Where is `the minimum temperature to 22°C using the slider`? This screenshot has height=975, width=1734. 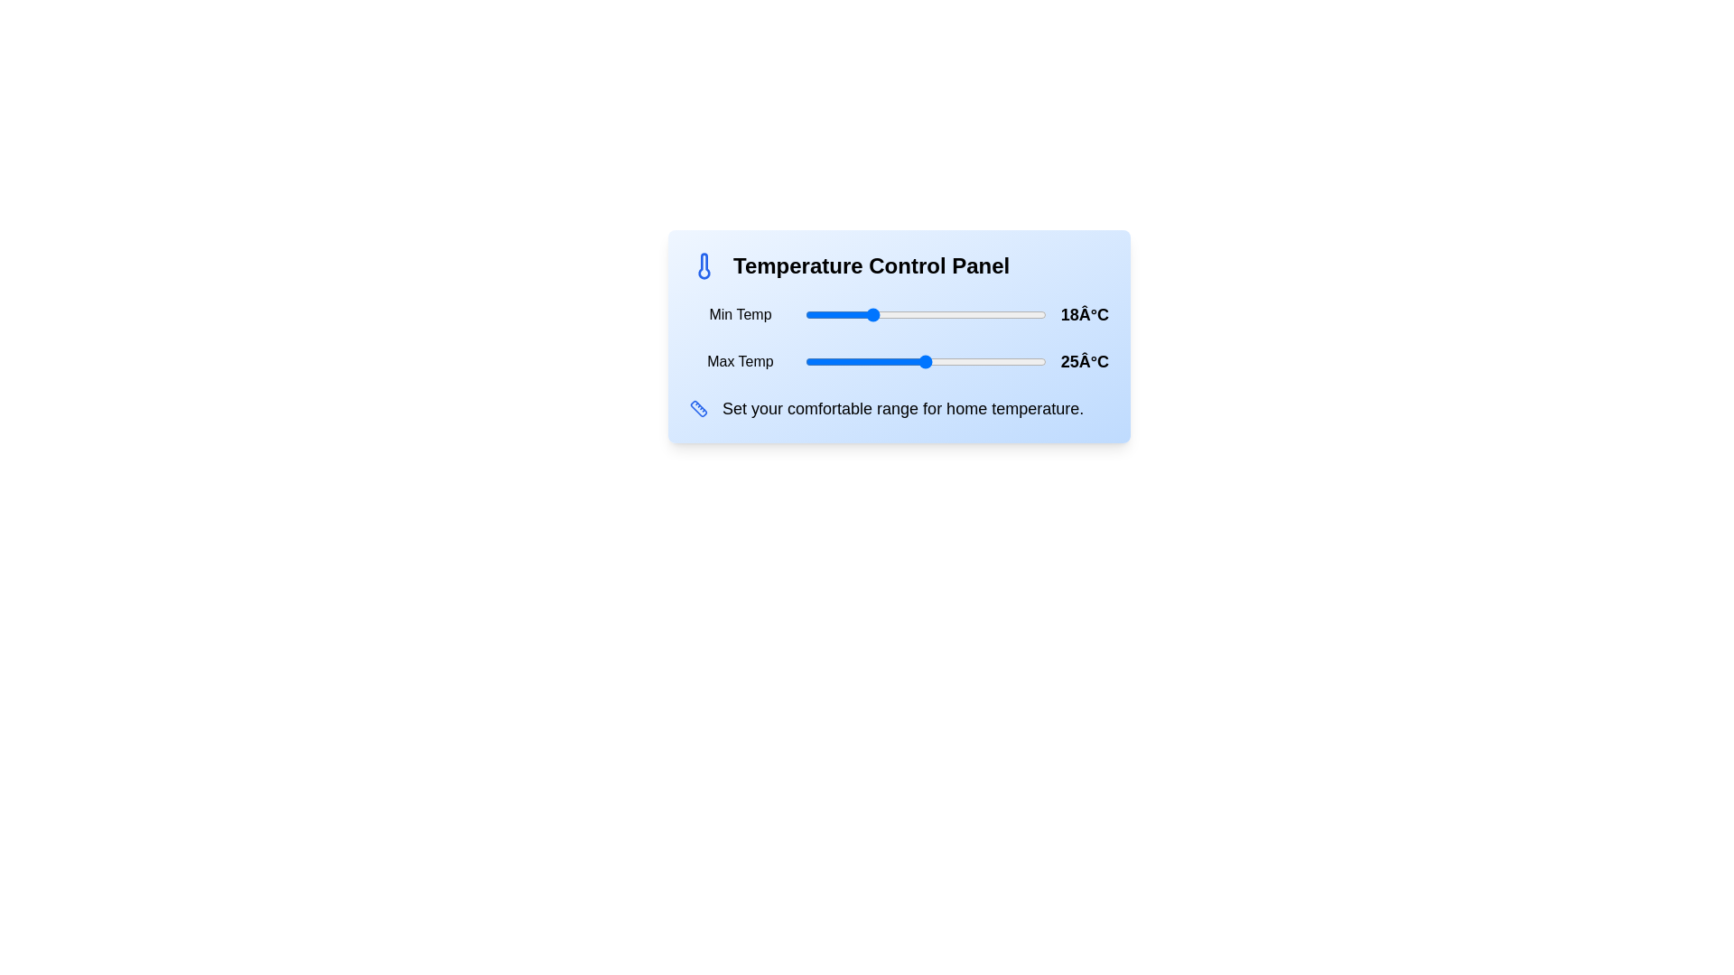
the minimum temperature to 22°C using the slider is located at coordinates (901, 313).